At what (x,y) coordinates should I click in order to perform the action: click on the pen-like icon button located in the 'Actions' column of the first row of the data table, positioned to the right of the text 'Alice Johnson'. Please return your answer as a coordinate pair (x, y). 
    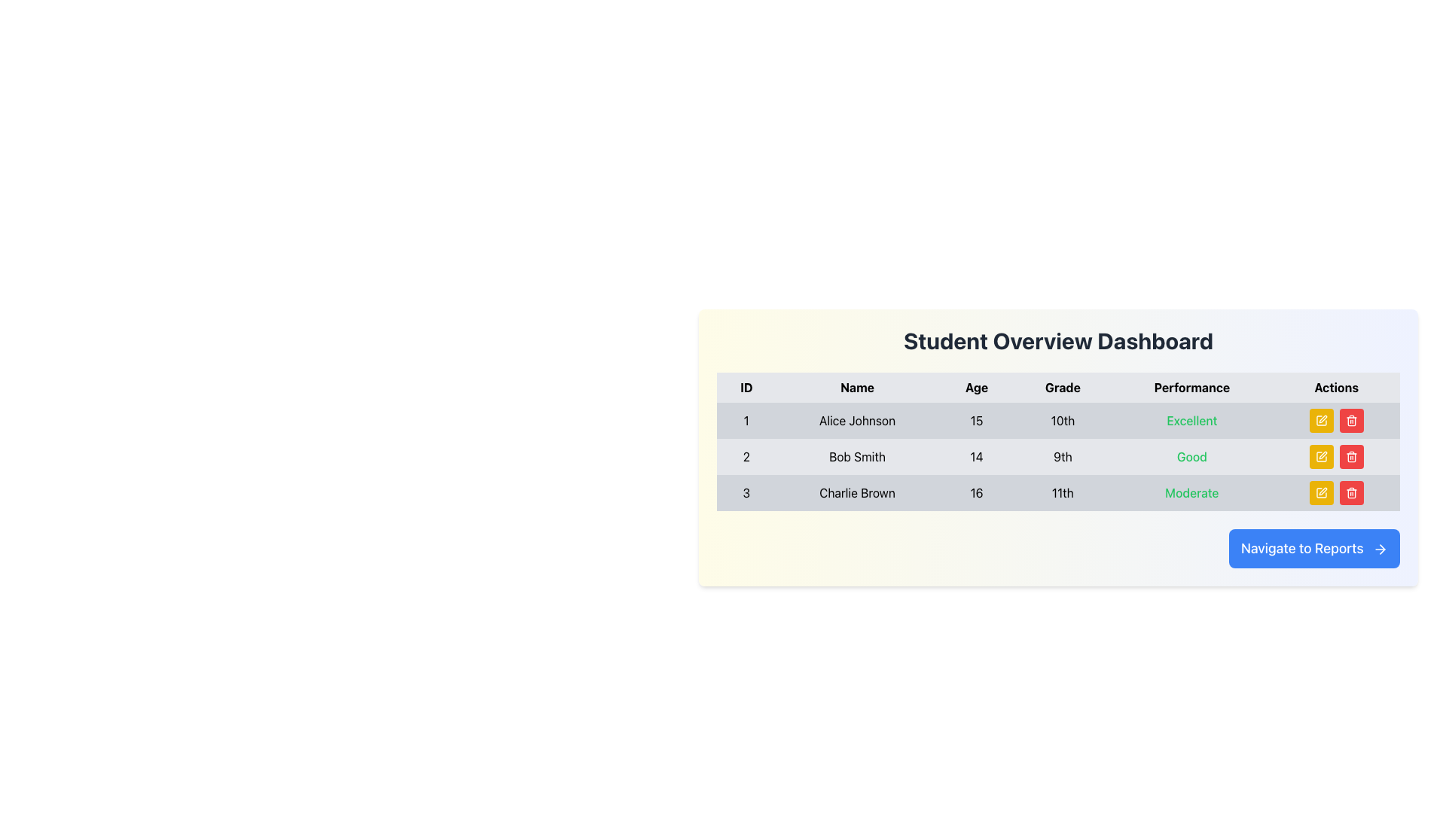
    Looking at the image, I should click on (1322, 419).